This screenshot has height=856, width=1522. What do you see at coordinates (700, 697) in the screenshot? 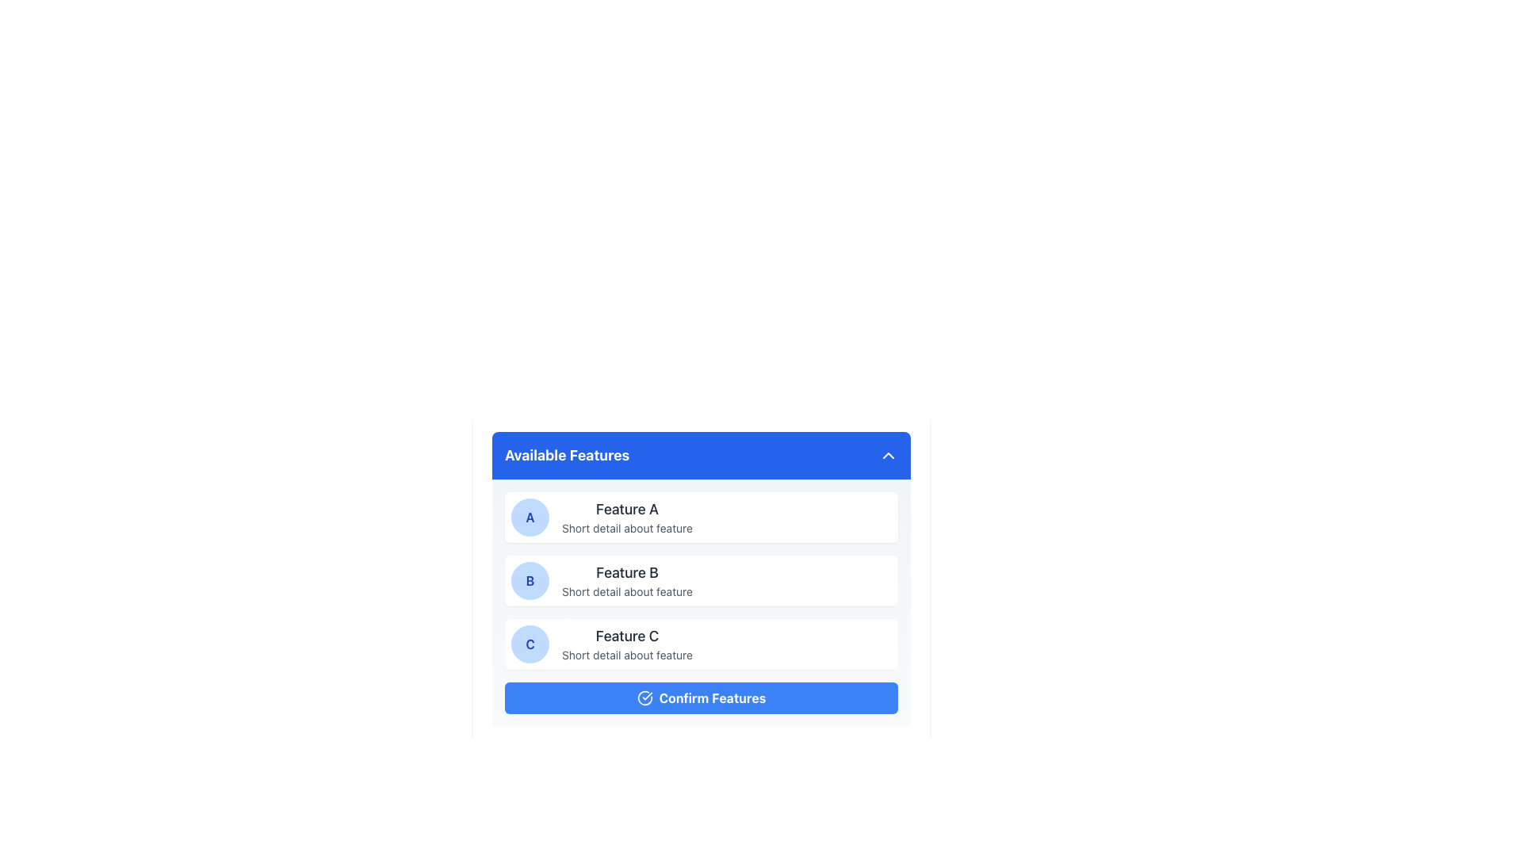
I see `the confirmation button located at the bottom of the features panel` at bounding box center [700, 697].